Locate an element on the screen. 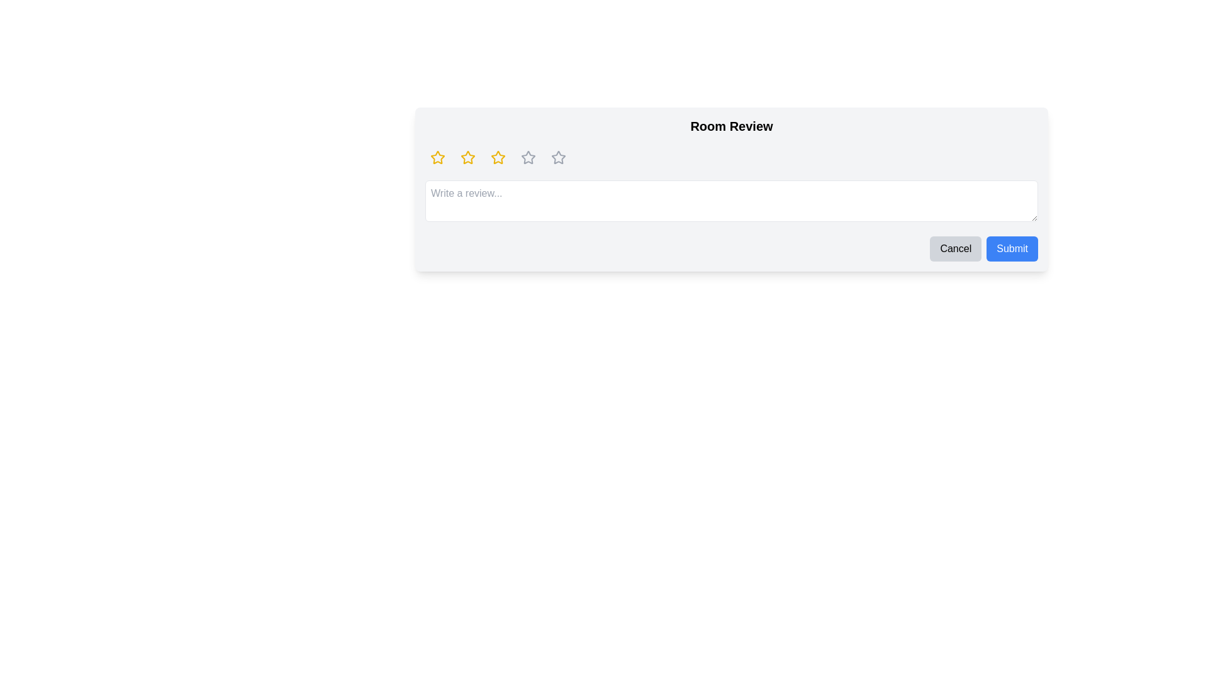 The width and height of the screenshot is (1208, 679). the fourth star-shaped icon in the star rating component is located at coordinates (528, 157).